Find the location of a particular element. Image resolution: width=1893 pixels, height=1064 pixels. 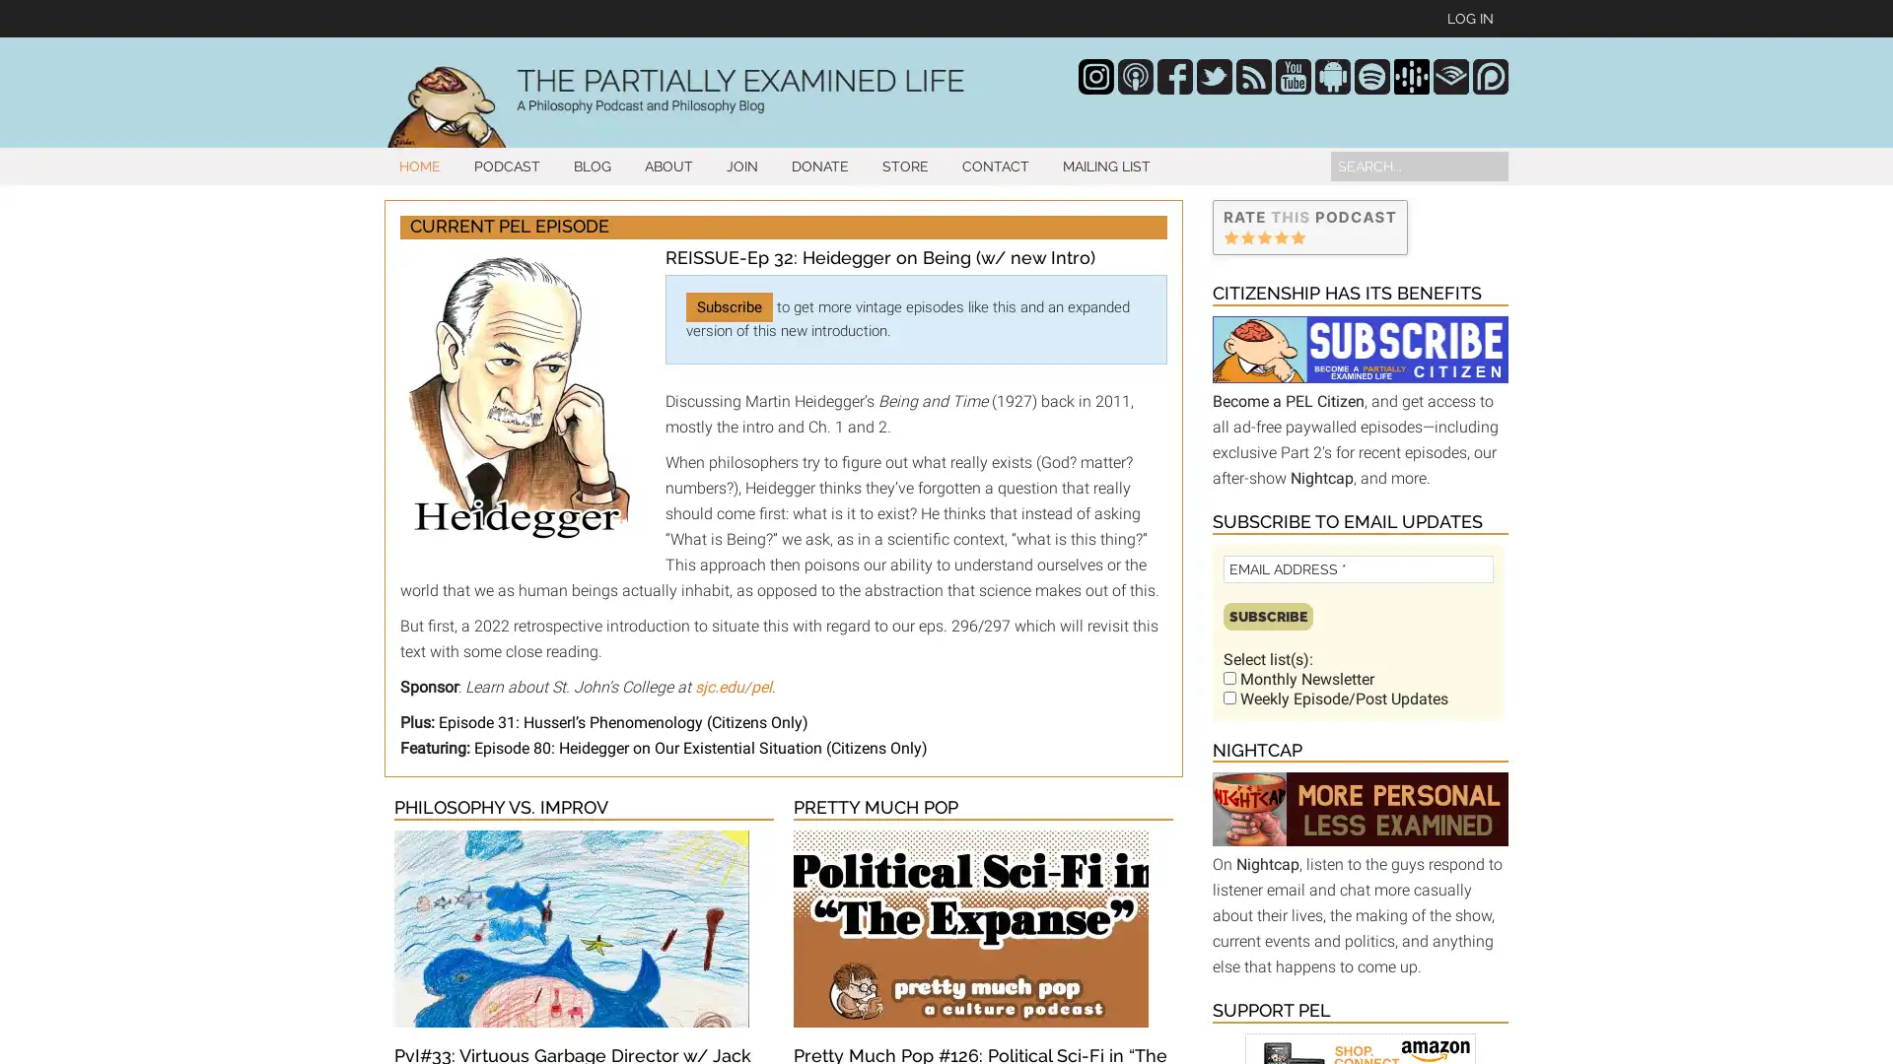

Subscribe is located at coordinates (1268, 614).